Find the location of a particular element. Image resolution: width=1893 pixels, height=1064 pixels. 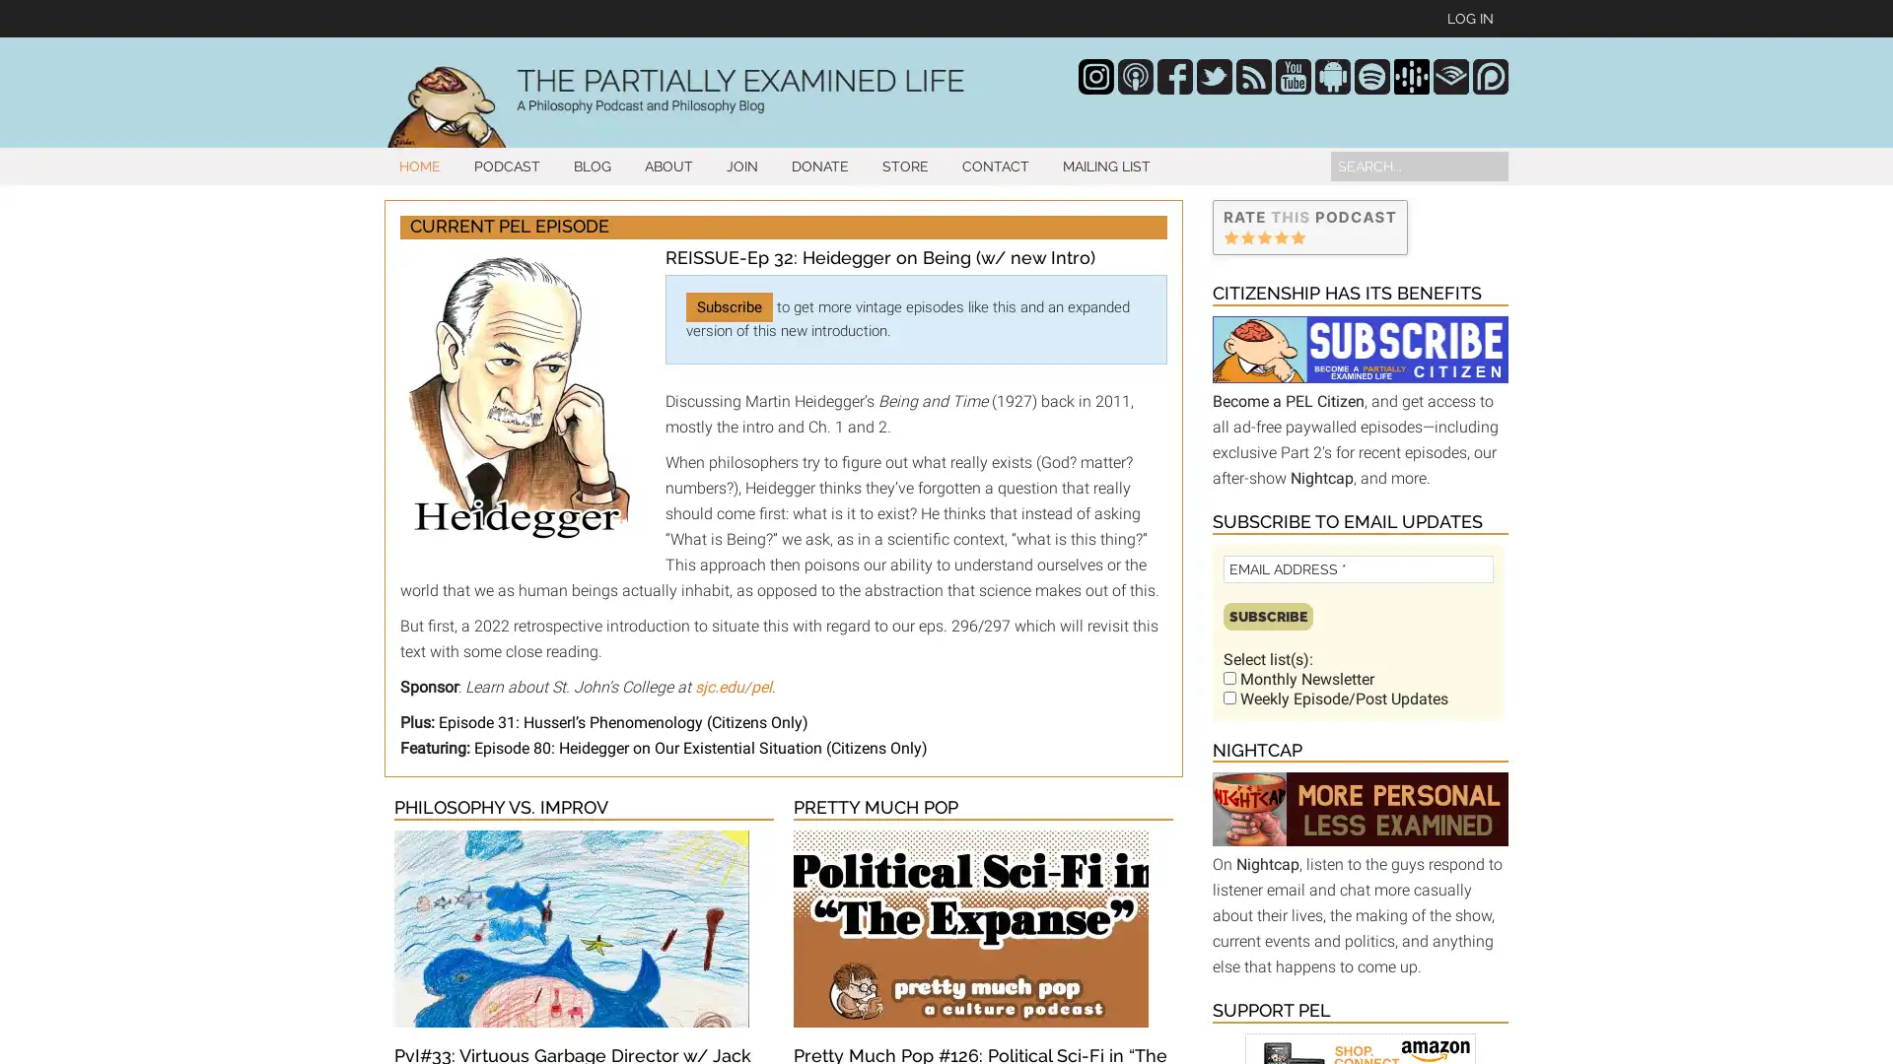

Subscribe is located at coordinates (1268, 614).